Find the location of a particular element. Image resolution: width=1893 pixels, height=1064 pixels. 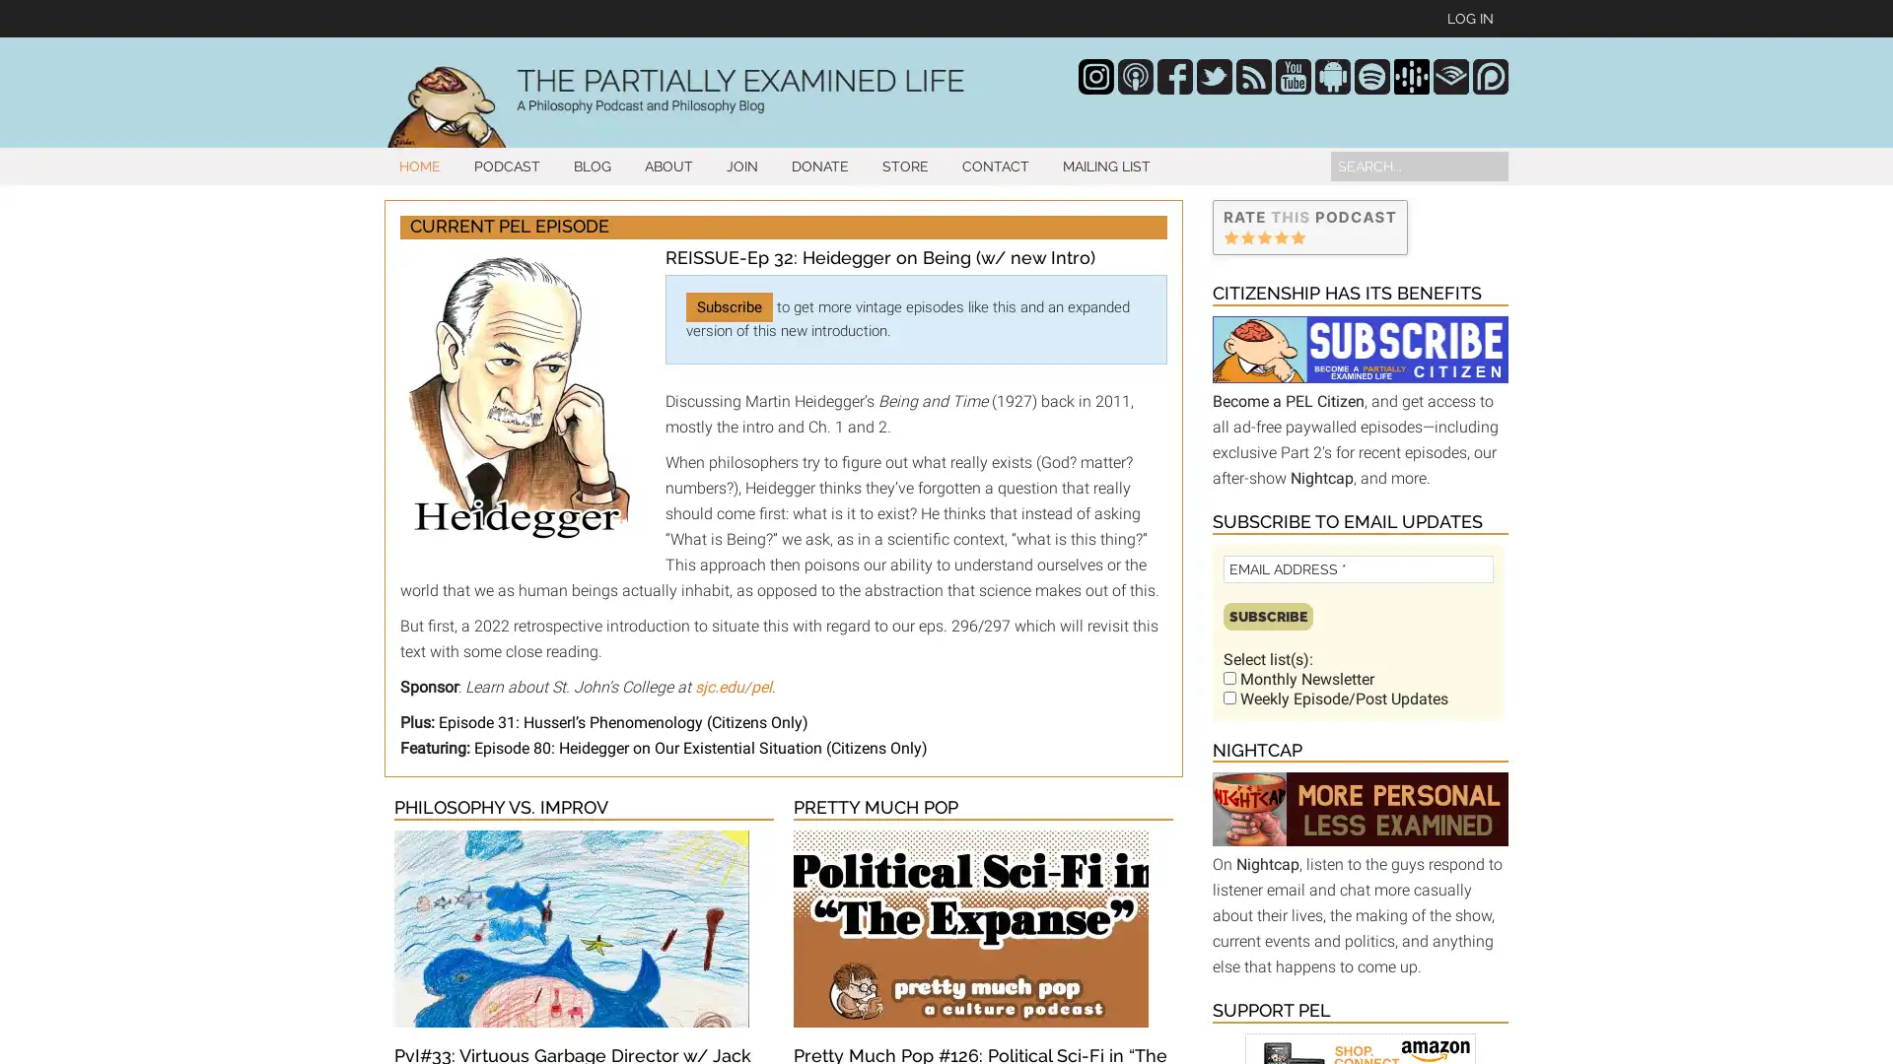

Subscribe is located at coordinates (1268, 614).